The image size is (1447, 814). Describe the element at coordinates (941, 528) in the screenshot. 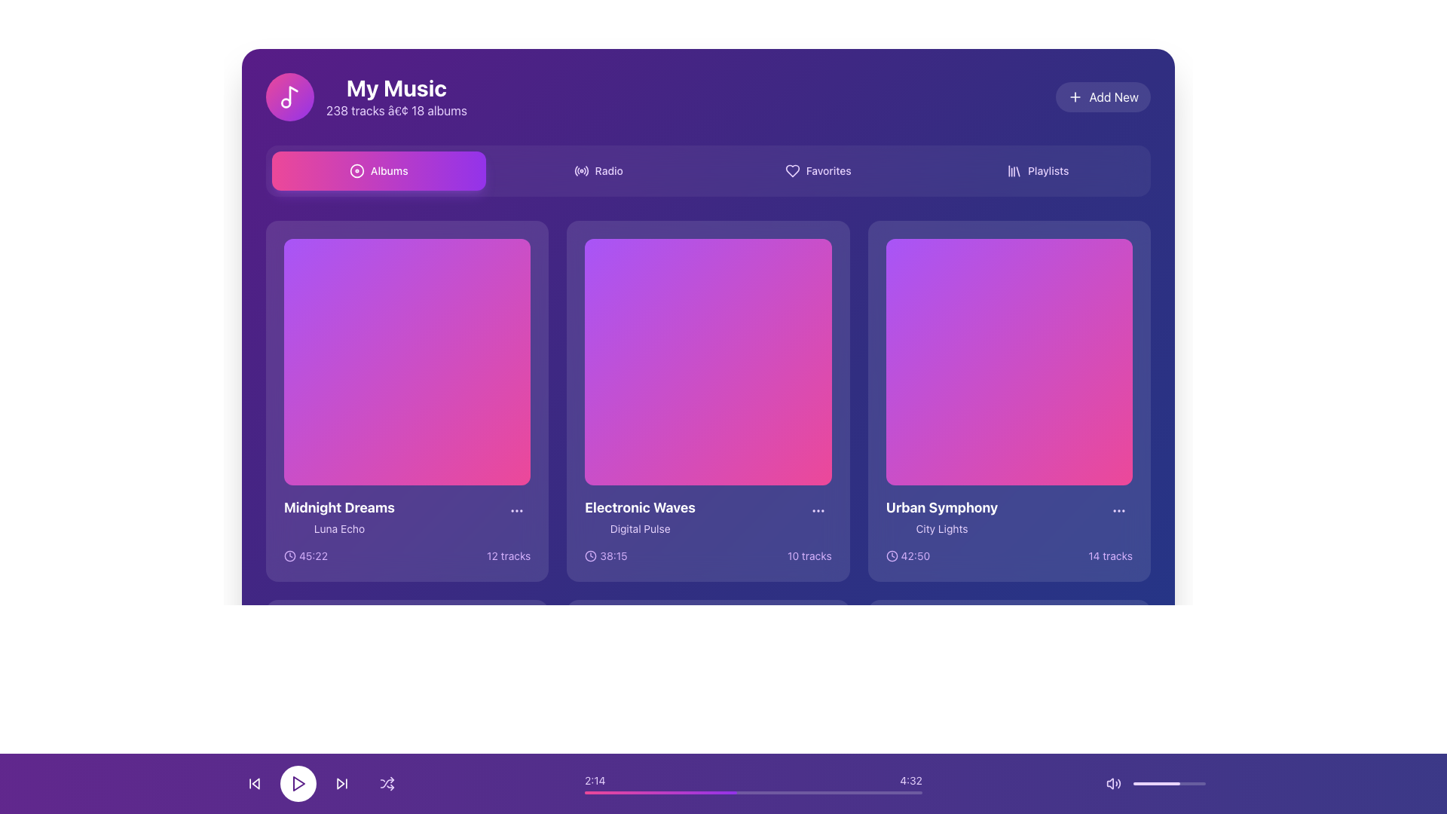

I see `the text label displaying 'City Lights', which is styled with a smaller font size and muted purple color, located underneath the 'Urban Symphony' heading in the album grid` at that location.